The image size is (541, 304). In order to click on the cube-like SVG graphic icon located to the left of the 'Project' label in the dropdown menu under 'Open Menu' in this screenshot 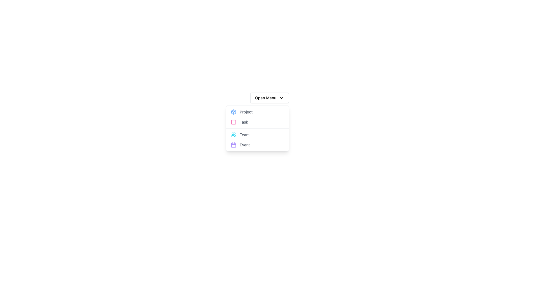, I will do `click(233, 112)`.